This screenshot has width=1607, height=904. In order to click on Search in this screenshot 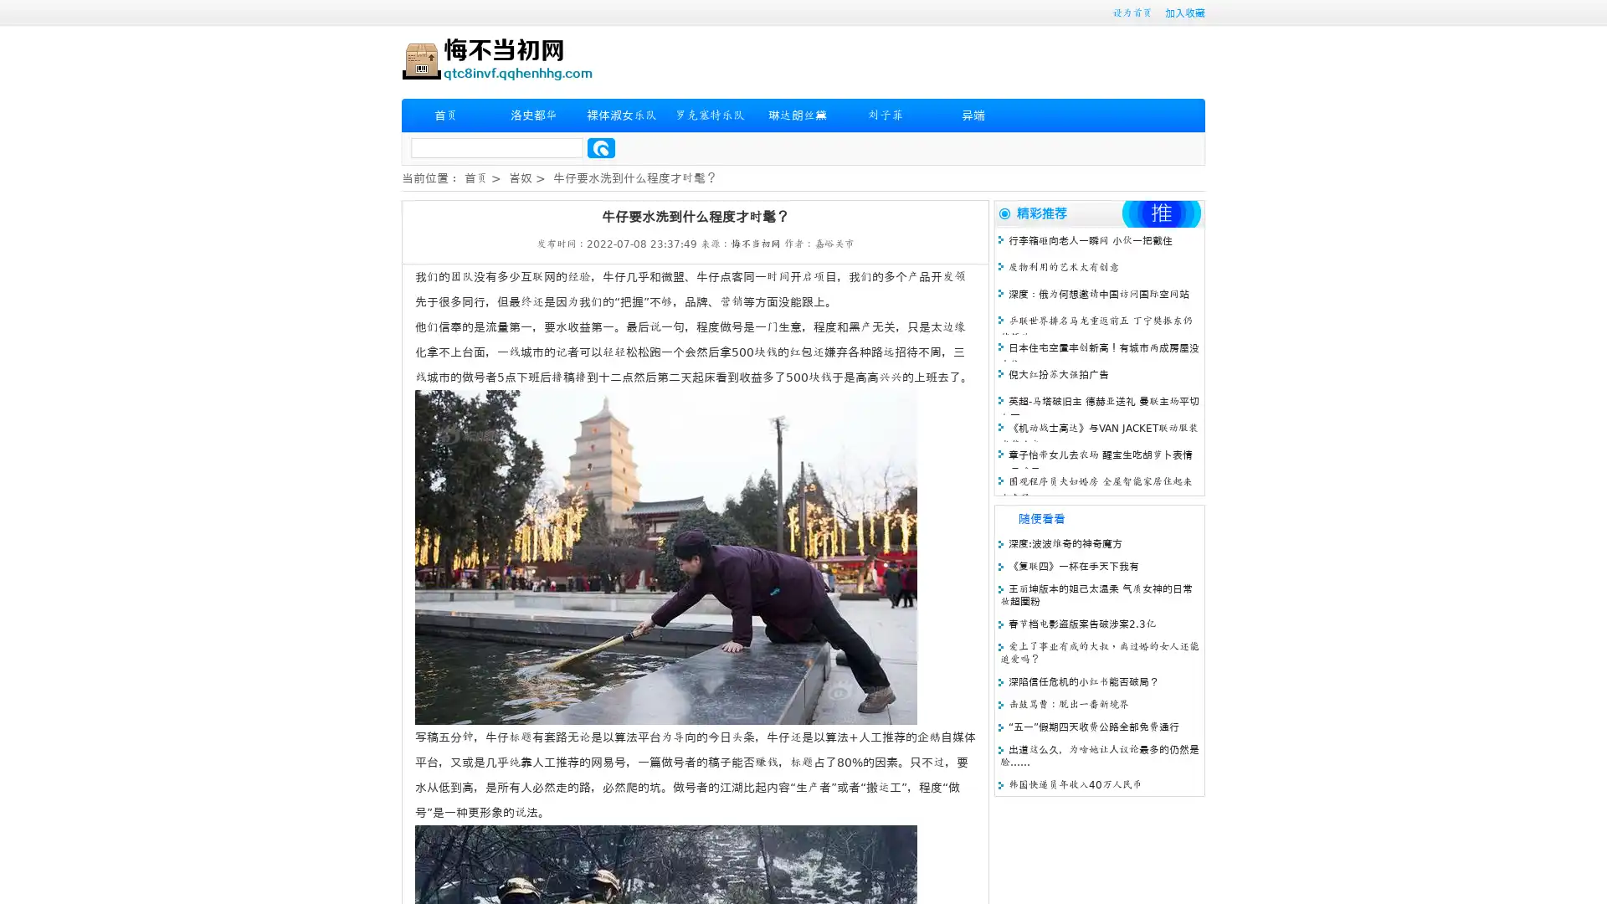, I will do `click(601, 147)`.